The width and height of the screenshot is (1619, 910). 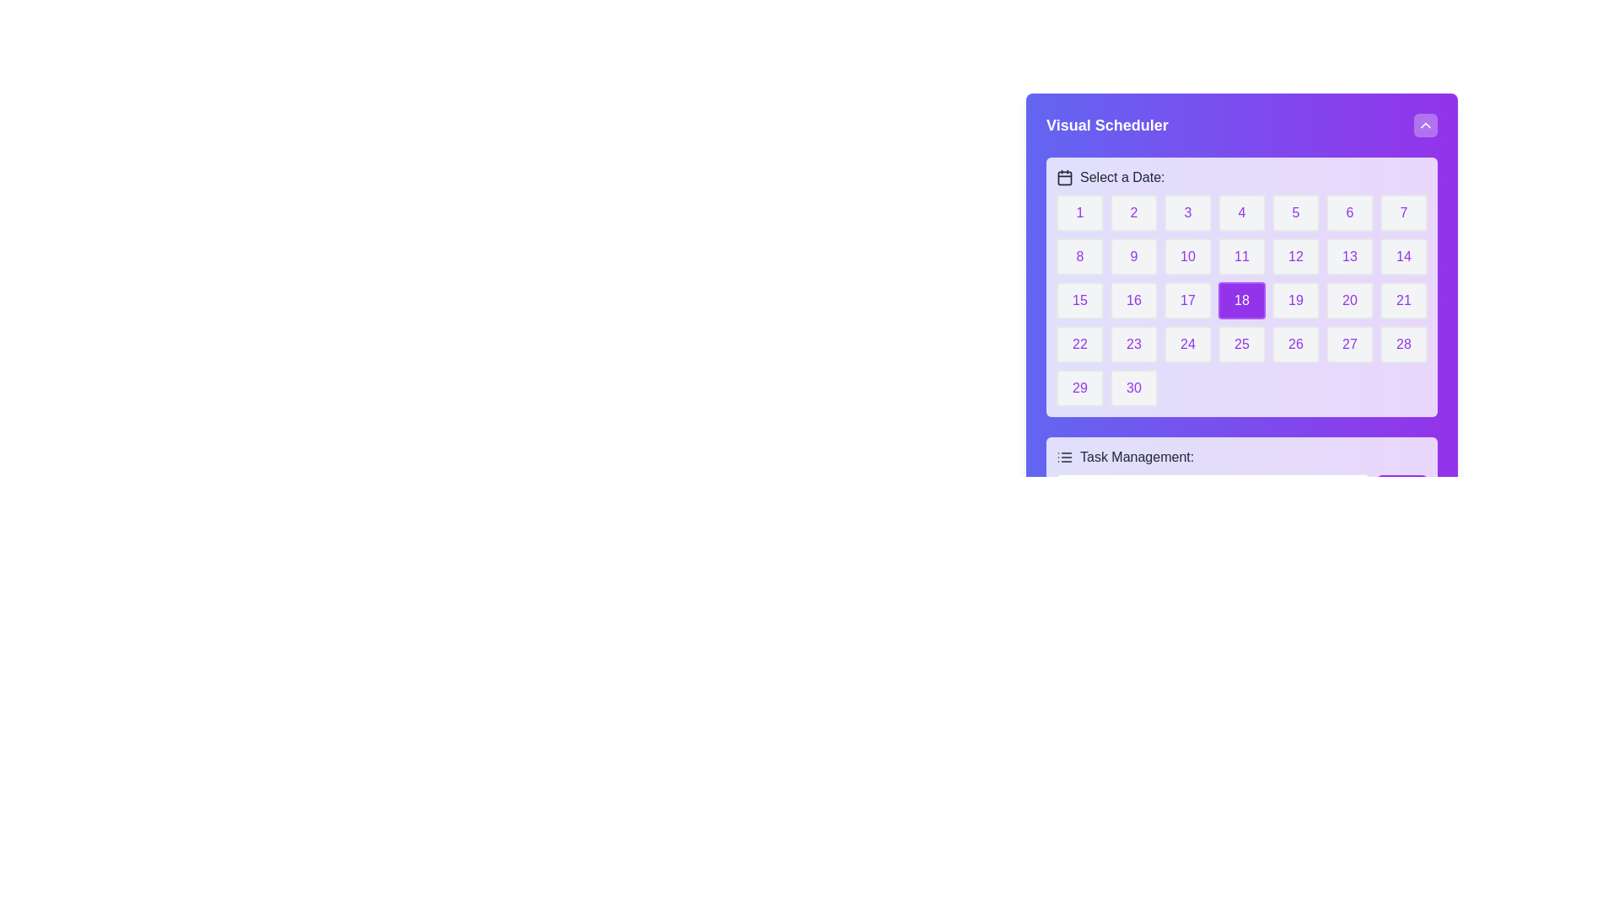 What do you see at coordinates (1187, 256) in the screenshot?
I see `the rectangular button labeled '10' with a light gray background and purple text` at bounding box center [1187, 256].